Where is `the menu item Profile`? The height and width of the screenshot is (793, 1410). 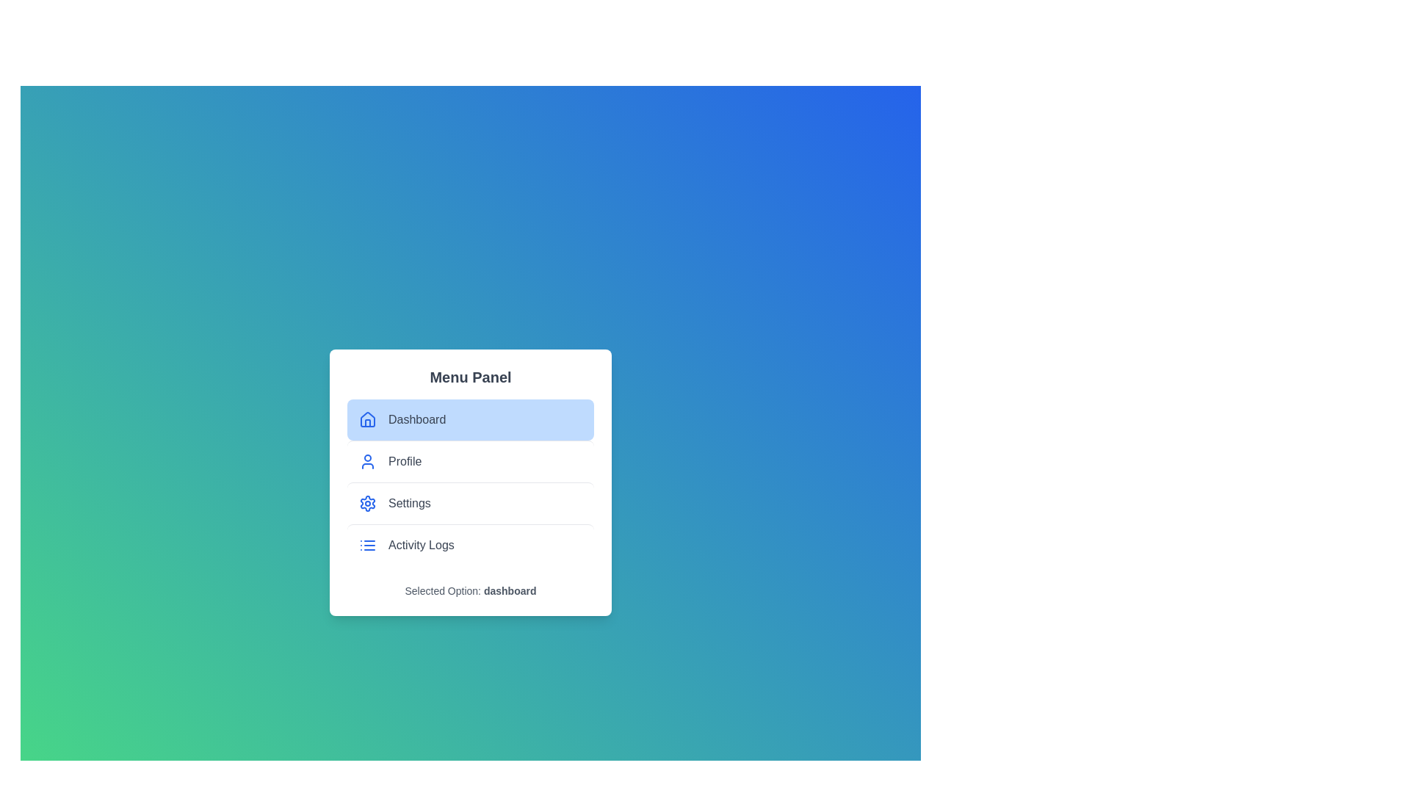 the menu item Profile is located at coordinates (471, 460).